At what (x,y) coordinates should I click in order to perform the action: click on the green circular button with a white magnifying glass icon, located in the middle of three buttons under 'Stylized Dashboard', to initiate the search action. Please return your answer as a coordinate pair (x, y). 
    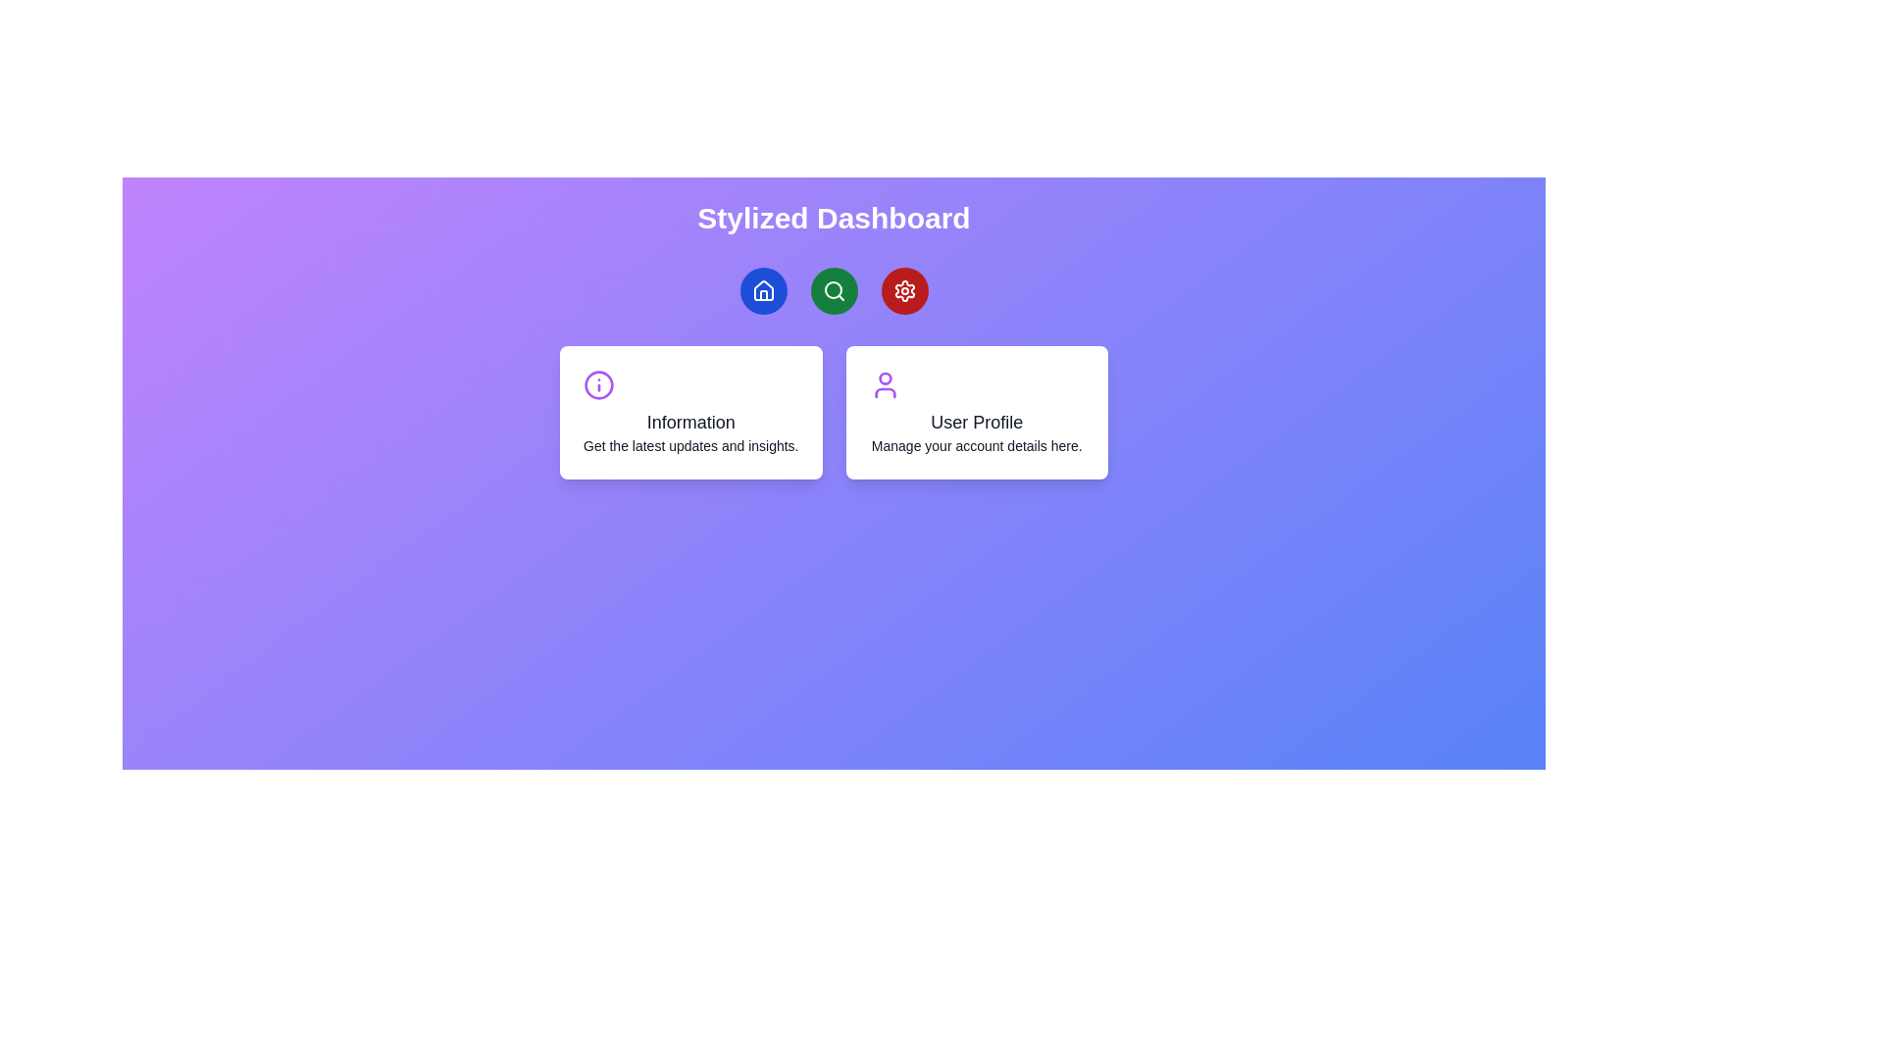
    Looking at the image, I should click on (834, 291).